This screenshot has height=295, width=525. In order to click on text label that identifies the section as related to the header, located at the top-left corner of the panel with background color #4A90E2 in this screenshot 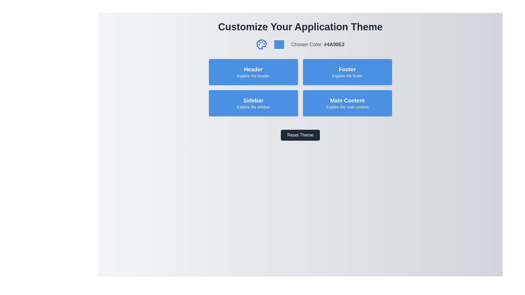, I will do `click(253, 69)`.